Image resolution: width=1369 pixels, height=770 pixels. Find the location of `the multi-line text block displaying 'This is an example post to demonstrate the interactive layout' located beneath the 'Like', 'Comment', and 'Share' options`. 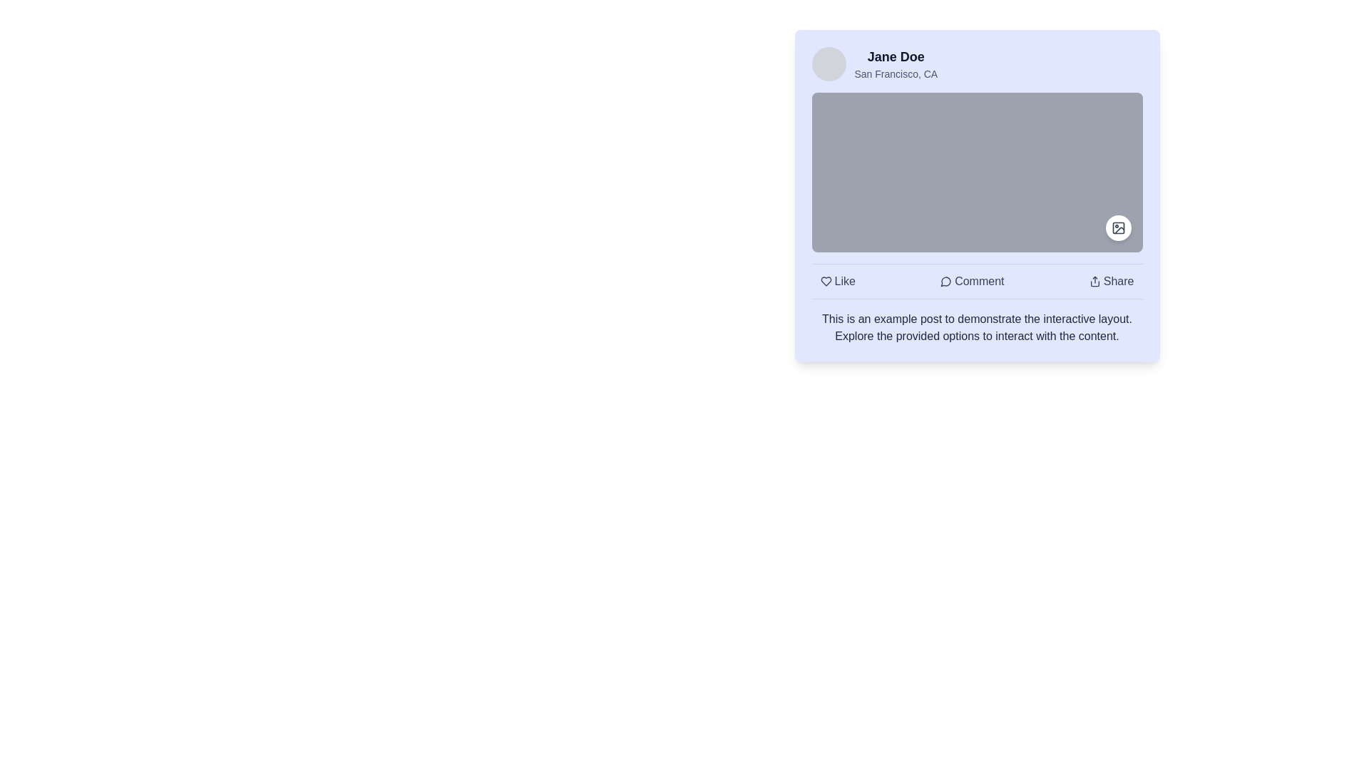

the multi-line text block displaying 'This is an example post to demonstrate the interactive layout' located beneath the 'Like', 'Comment', and 'Share' options is located at coordinates (976, 327).